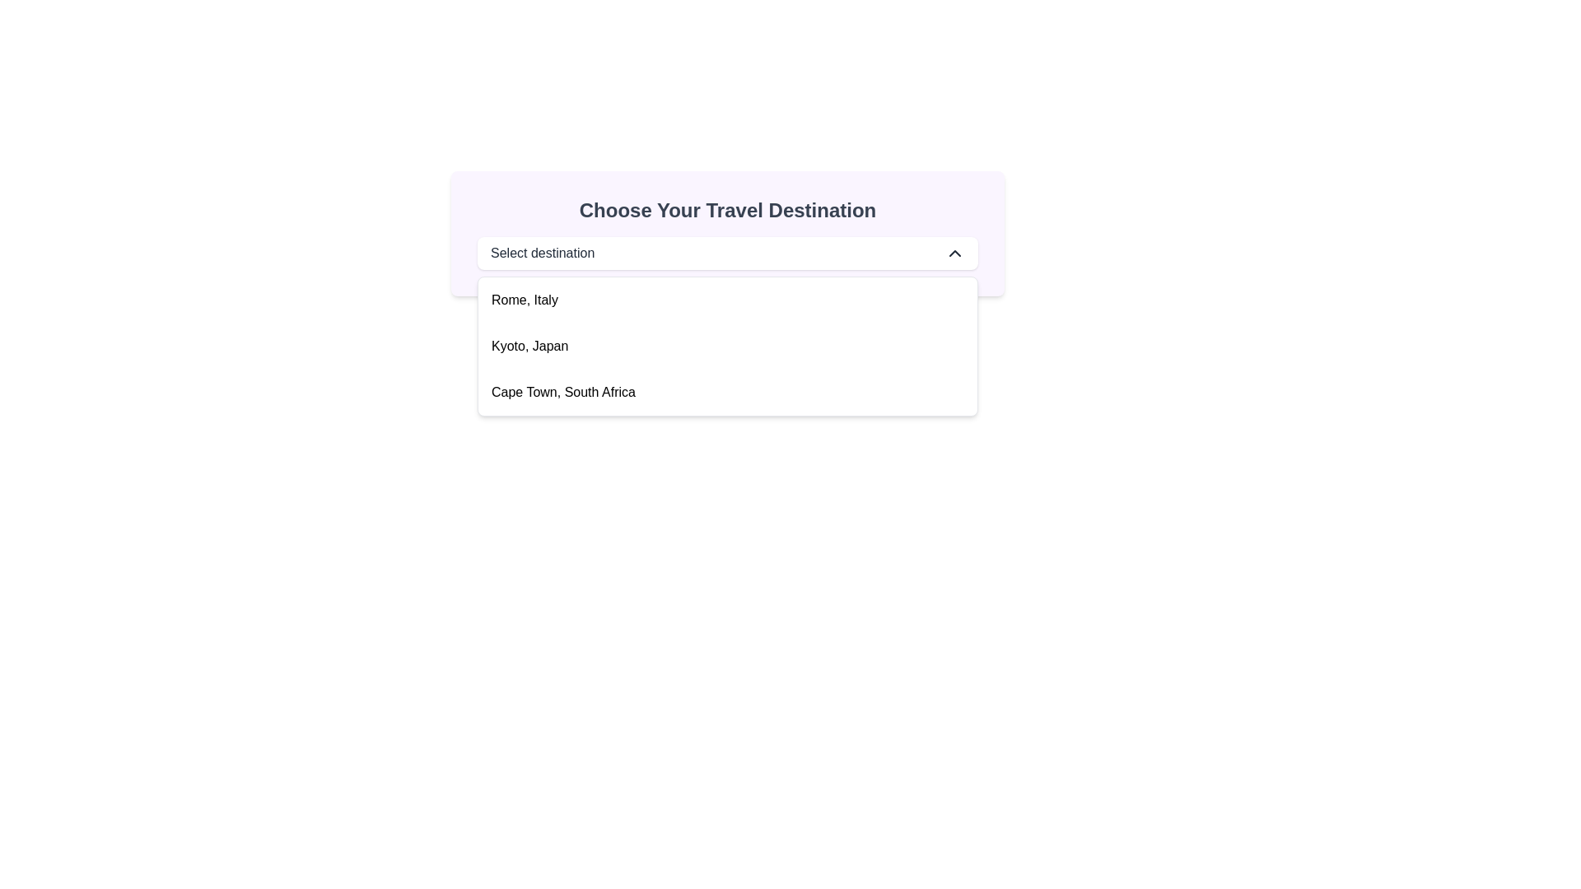 This screenshot has height=889, width=1581. I want to click on the text item 'Kyoto, Japan' in the dropdown list, so click(529, 345).